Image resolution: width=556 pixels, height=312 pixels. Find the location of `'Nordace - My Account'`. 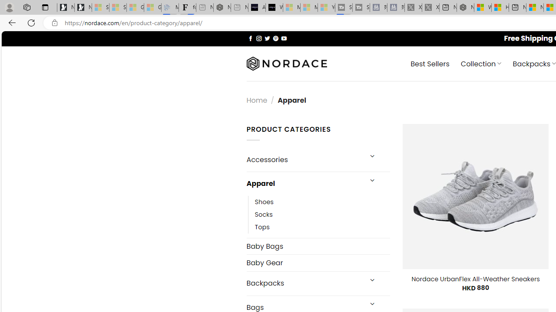

'Nordace - My Account' is located at coordinates (465, 7).